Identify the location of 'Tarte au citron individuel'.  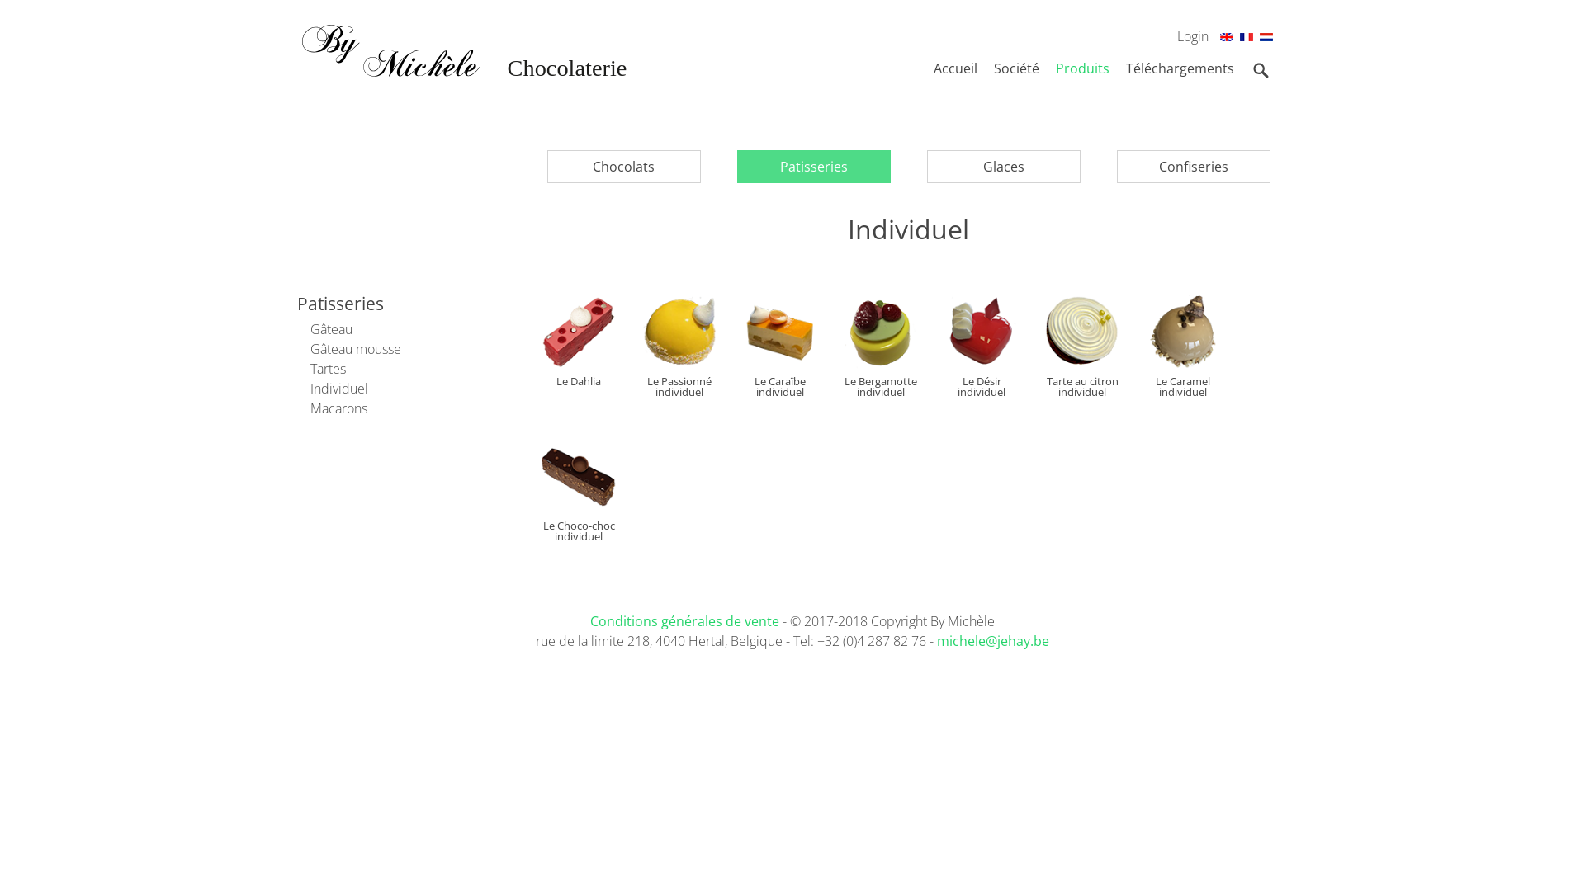
(1081, 346).